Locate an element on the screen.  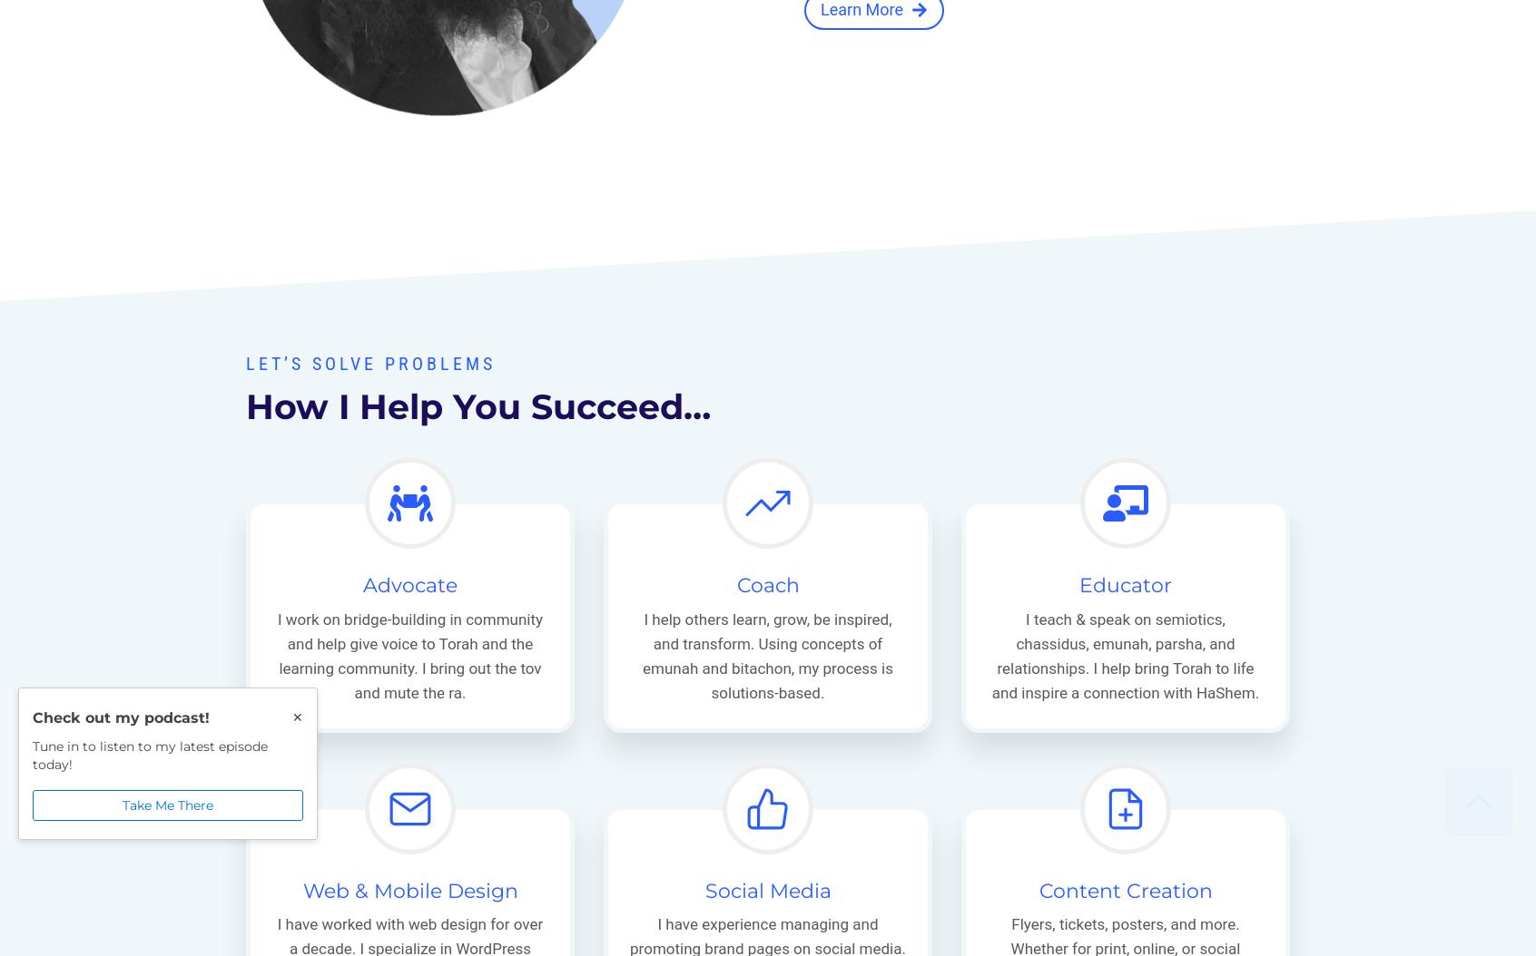
'I work on bridge-building in community and help give voice to Torah and the learning community. I bring out the tov and mute the ra.' is located at coordinates (409, 655).